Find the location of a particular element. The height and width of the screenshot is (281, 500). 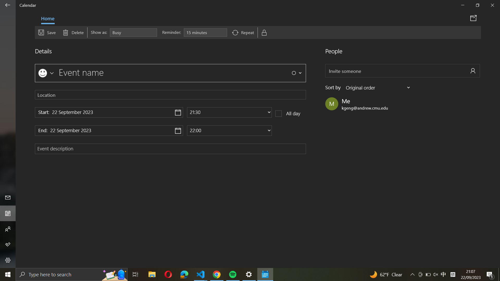

Remove event by hitting the delete button is located at coordinates (73, 32).